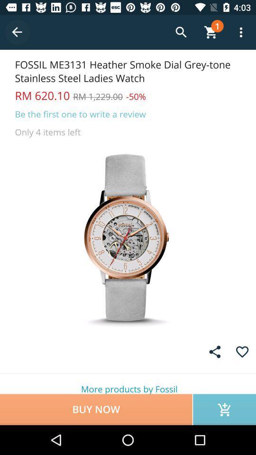 The width and height of the screenshot is (256, 455). I want to click on previous page, so click(17, 32).